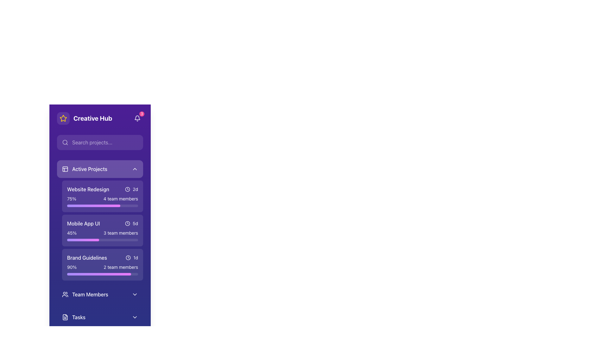 The width and height of the screenshot is (608, 342). I want to click on the Notification badge, which is a small circular badge with a bright pink background and the number '3' in white, located at the top-right corner of the bell icon in the header section, so click(141, 113).